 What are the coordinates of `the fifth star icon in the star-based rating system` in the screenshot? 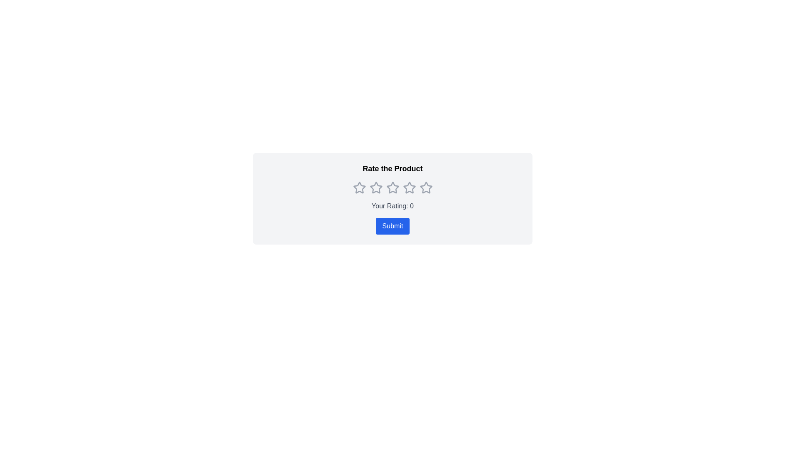 It's located at (426, 187).